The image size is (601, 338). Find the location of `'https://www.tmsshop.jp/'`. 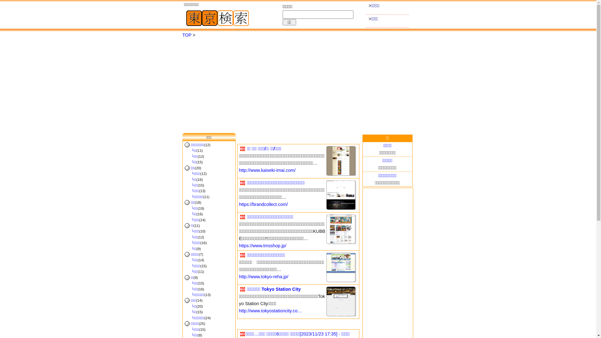

'https://www.tmsshop.jp/' is located at coordinates (263, 245).